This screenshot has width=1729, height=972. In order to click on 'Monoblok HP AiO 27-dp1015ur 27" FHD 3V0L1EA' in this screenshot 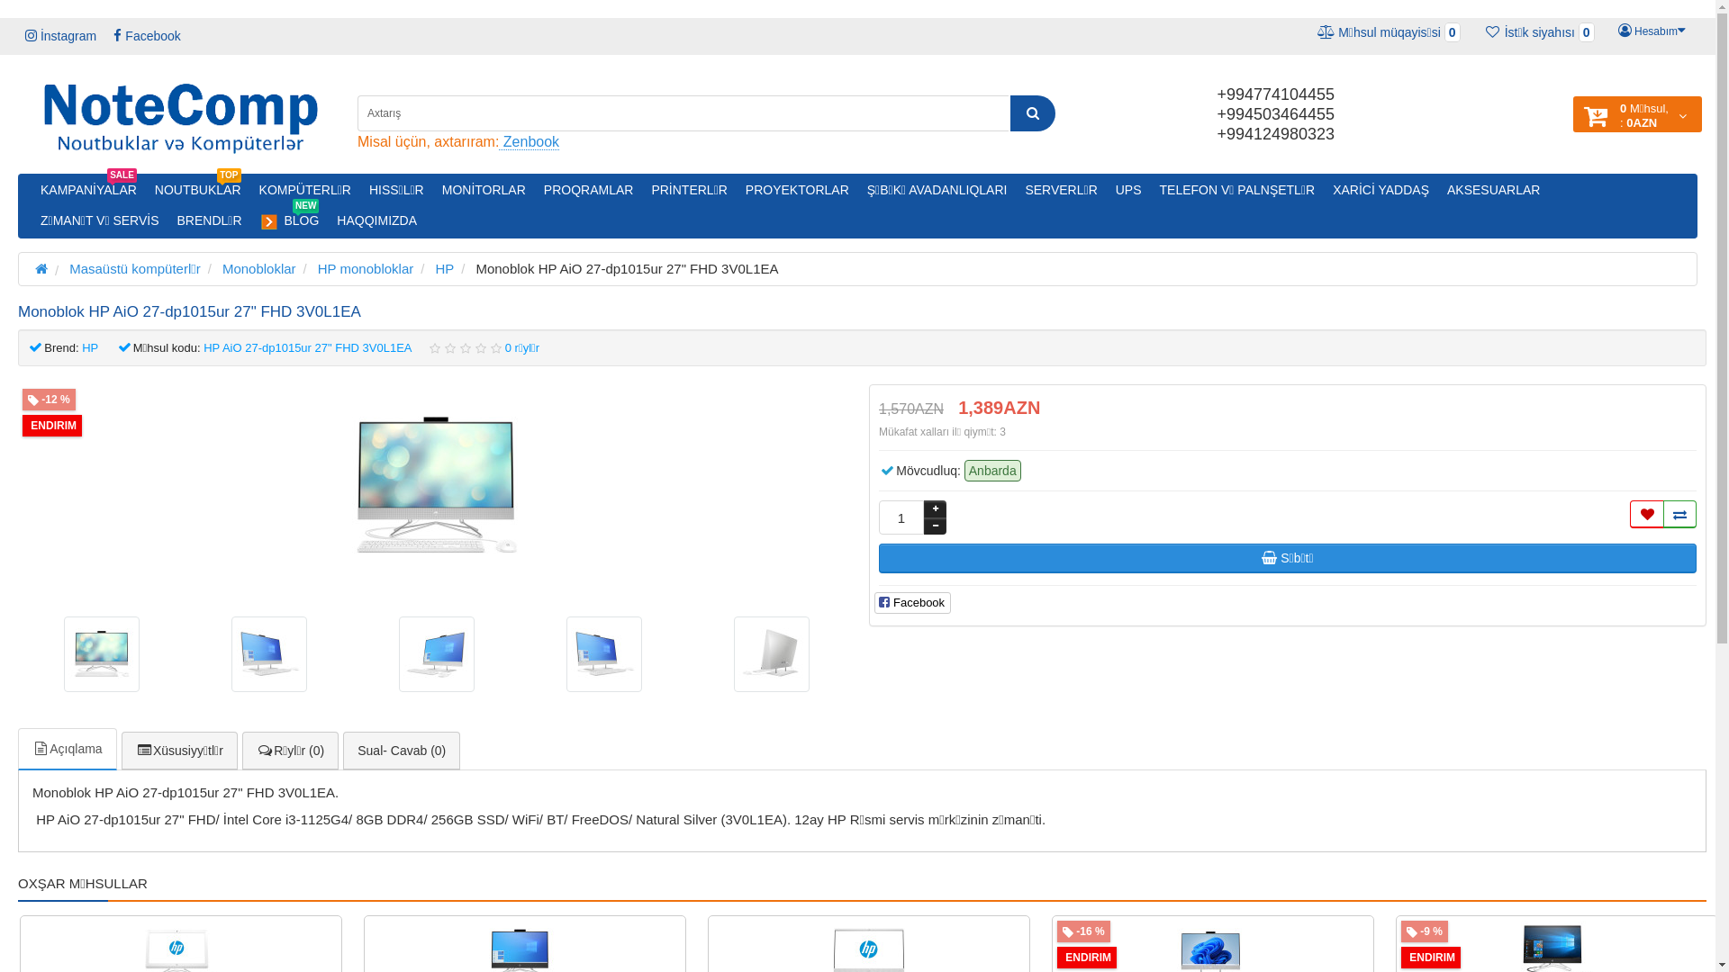, I will do `click(267, 653)`.